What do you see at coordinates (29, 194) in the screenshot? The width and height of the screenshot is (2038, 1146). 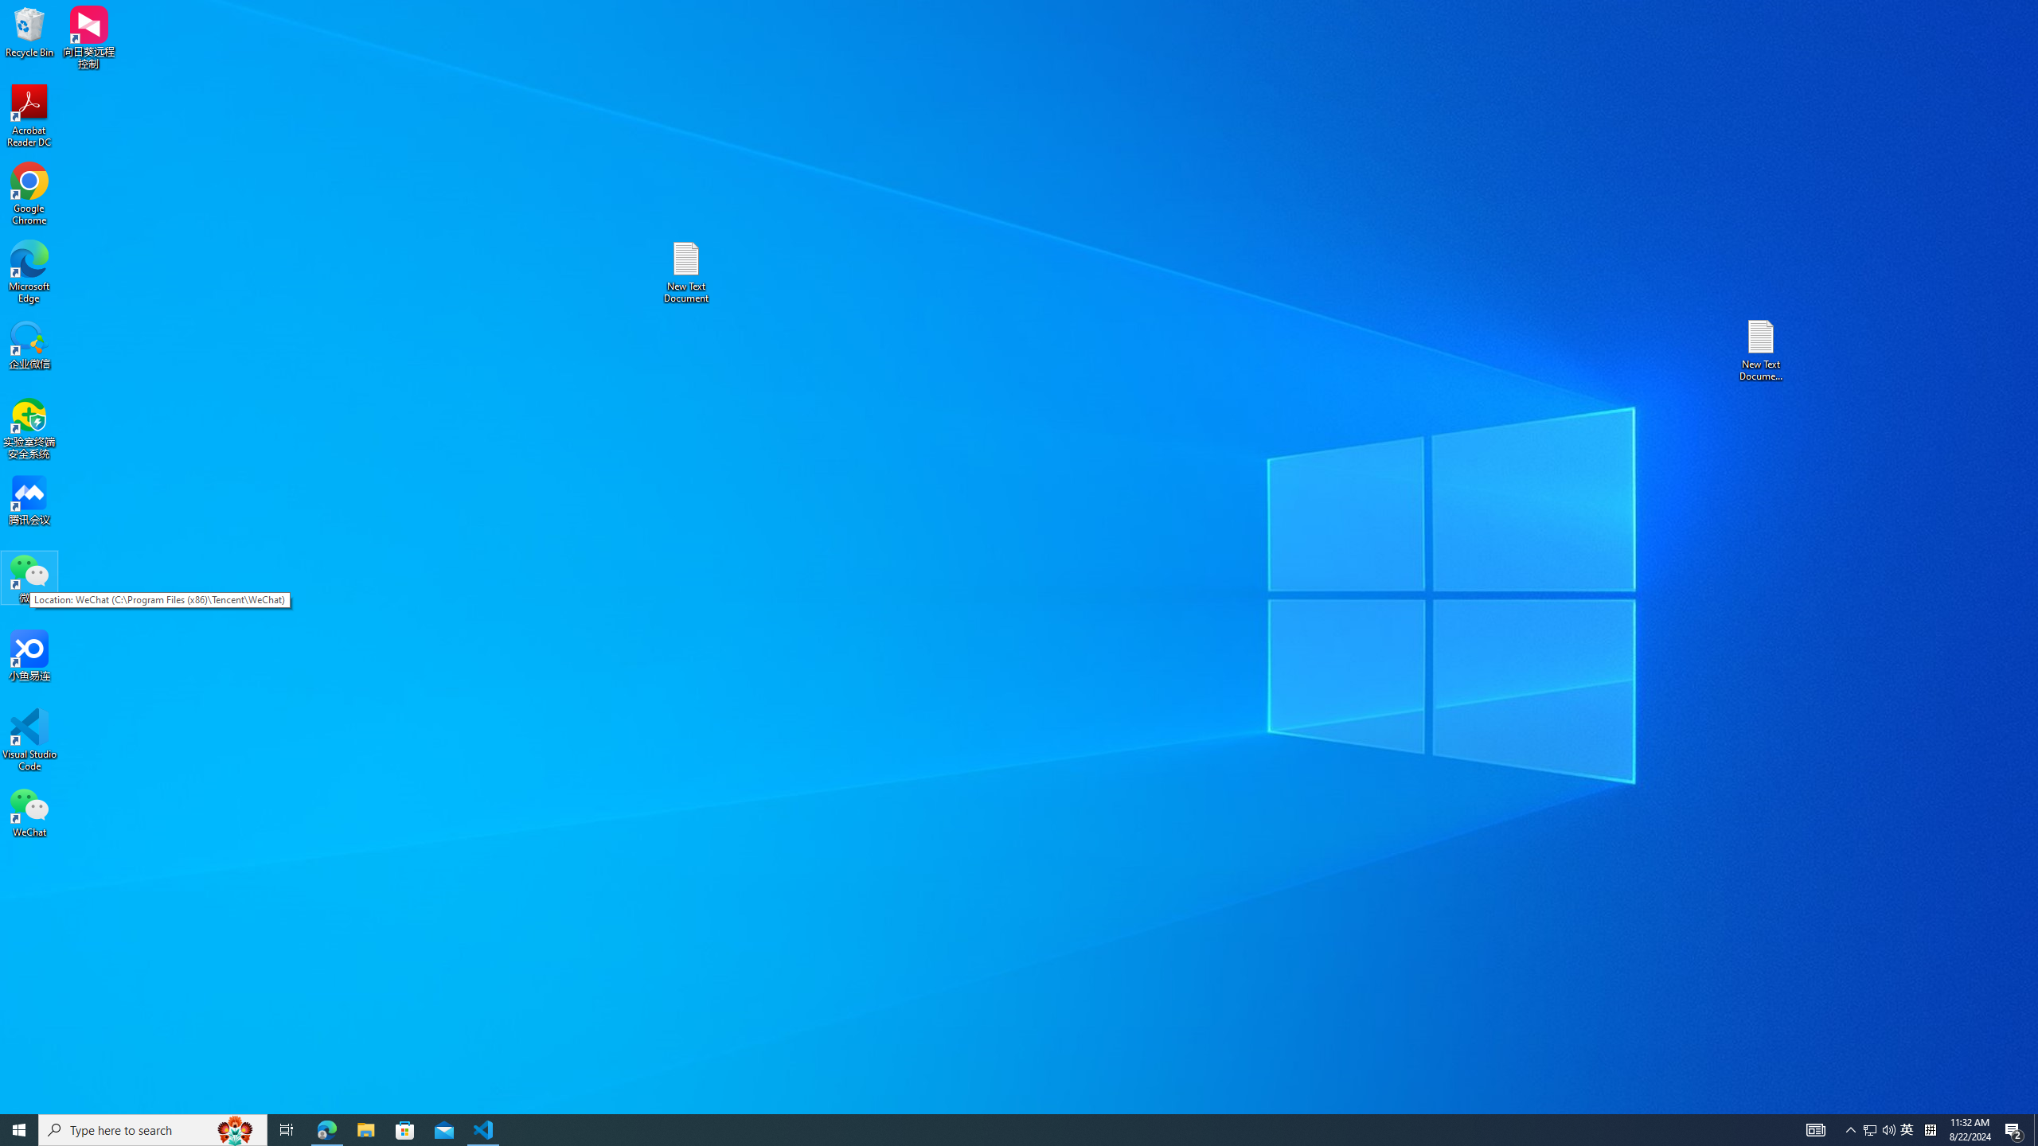 I see `'Google Chrome'` at bounding box center [29, 194].